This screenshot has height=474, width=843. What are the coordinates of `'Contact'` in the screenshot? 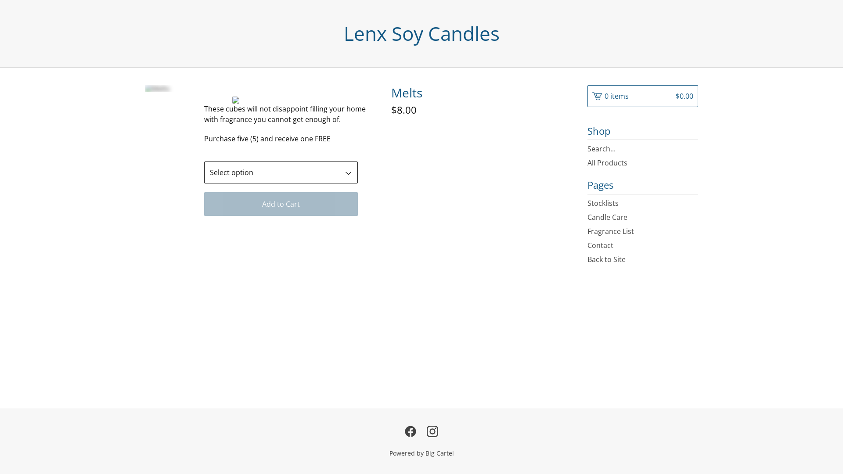 It's located at (587, 245).